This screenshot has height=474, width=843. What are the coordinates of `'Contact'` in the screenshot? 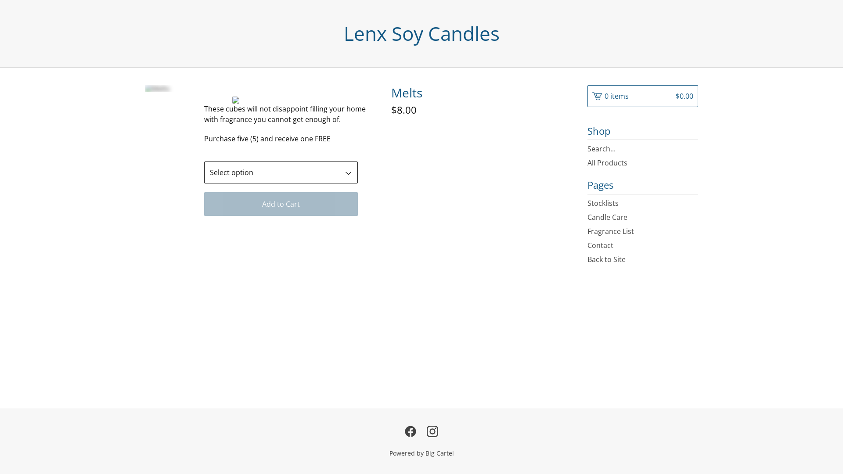 It's located at (587, 245).